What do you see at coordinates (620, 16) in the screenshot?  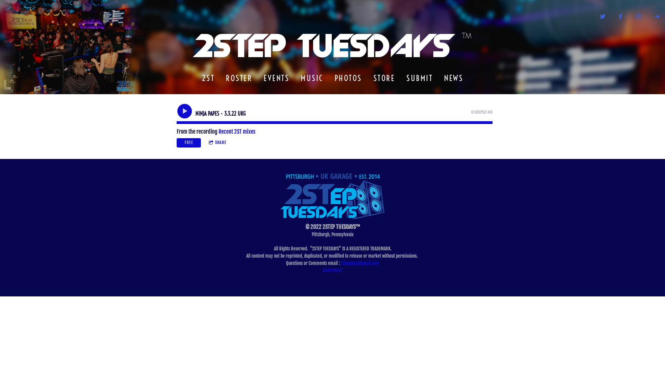 I see `'http://facebook.com/2steptues'` at bounding box center [620, 16].